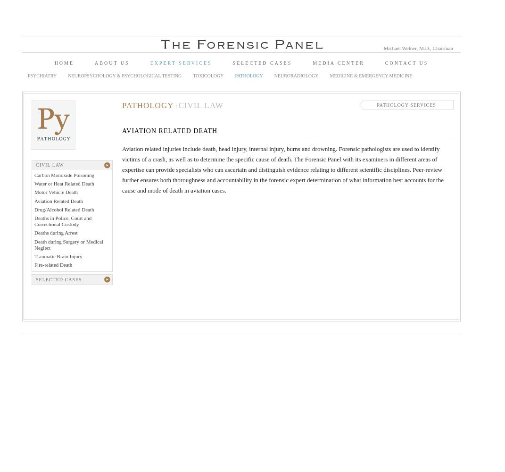 The width and height of the screenshot is (505, 472). What do you see at coordinates (54, 63) in the screenshot?
I see `'Home'` at bounding box center [54, 63].